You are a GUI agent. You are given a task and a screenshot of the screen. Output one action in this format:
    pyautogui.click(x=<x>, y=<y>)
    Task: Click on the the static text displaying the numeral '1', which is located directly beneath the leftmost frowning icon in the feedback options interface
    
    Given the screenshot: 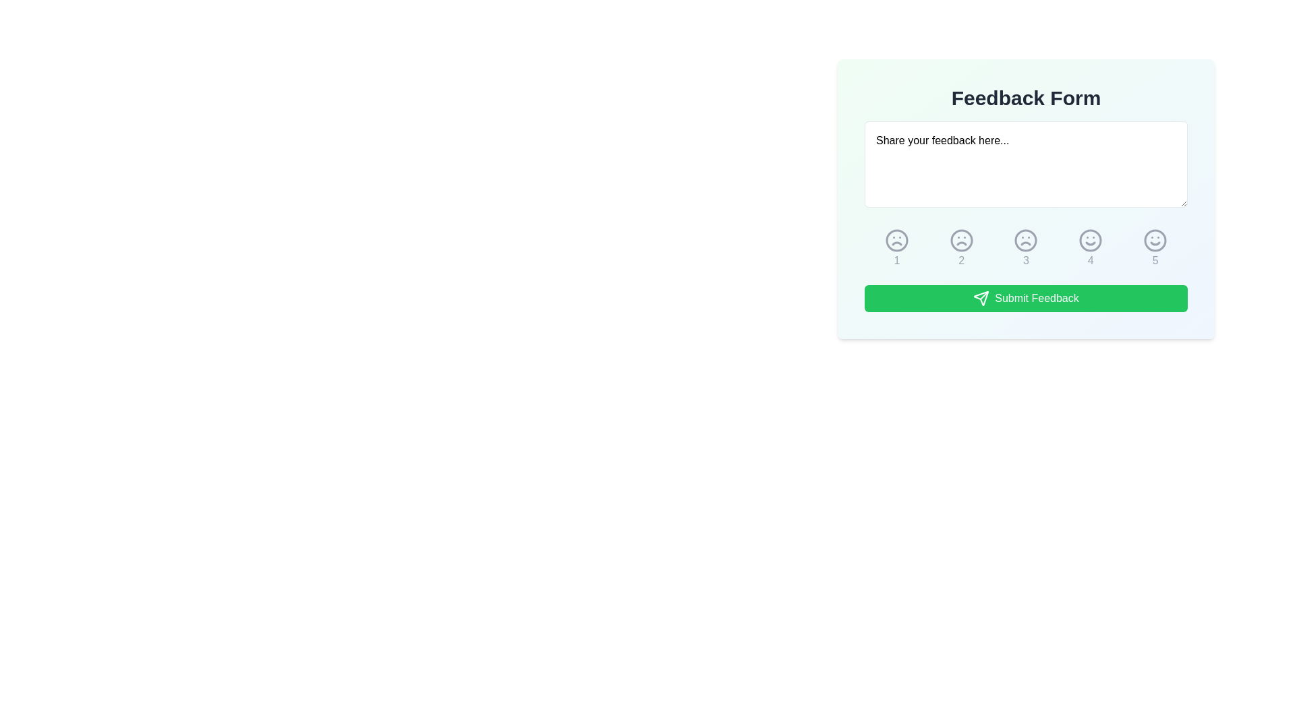 What is the action you would take?
    pyautogui.click(x=896, y=260)
    